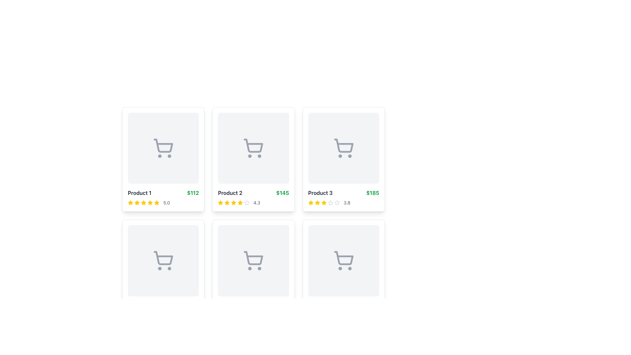 The width and height of the screenshot is (631, 355). Describe the element at coordinates (163, 148) in the screenshot. I see `the shopping cart icon located at the center of the thumbnail section of 'Product 1'` at that location.